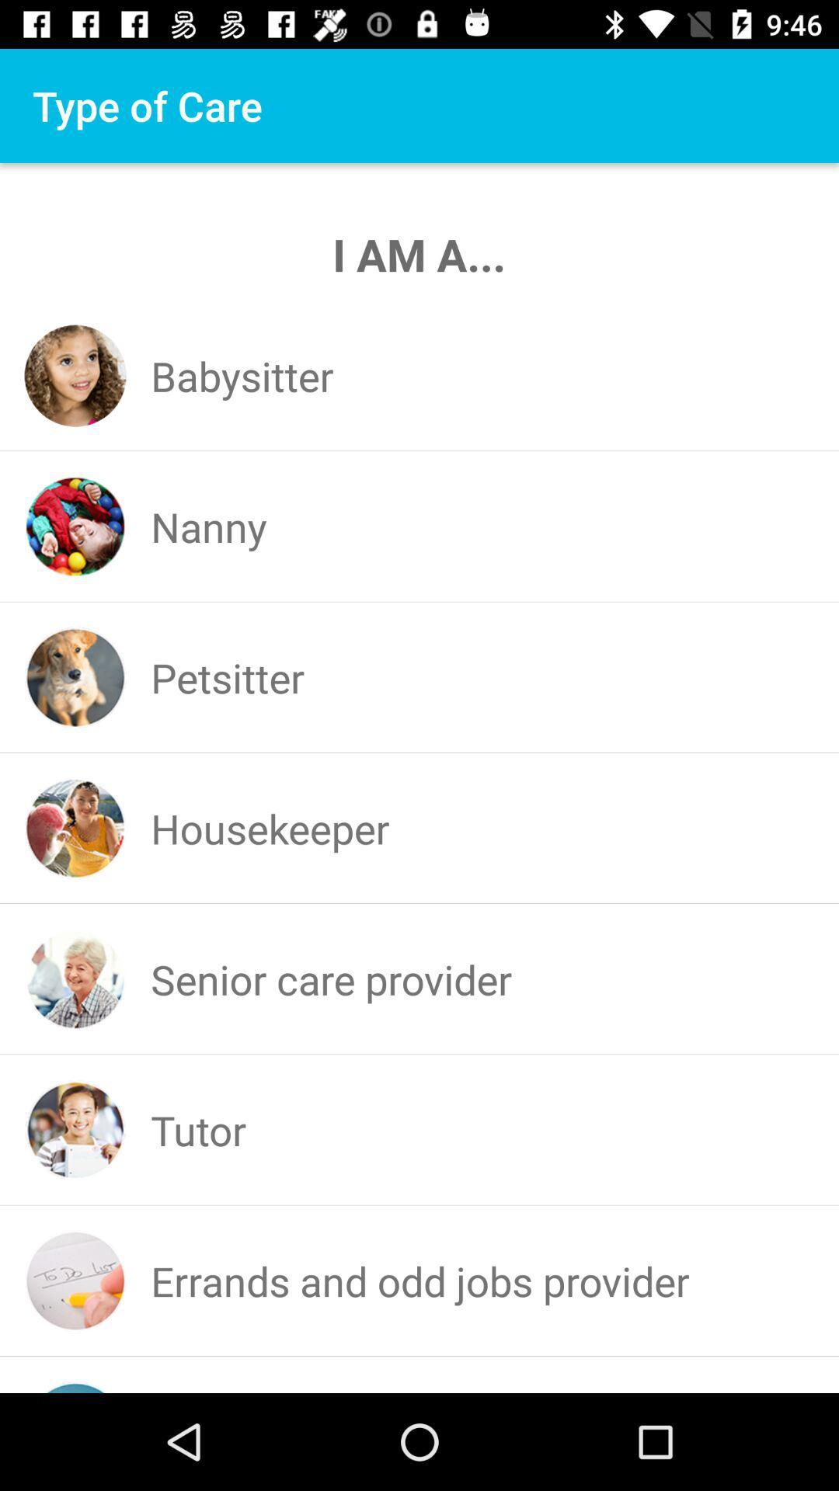 The height and width of the screenshot is (1491, 839). I want to click on housekeeper icon, so click(269, 827).